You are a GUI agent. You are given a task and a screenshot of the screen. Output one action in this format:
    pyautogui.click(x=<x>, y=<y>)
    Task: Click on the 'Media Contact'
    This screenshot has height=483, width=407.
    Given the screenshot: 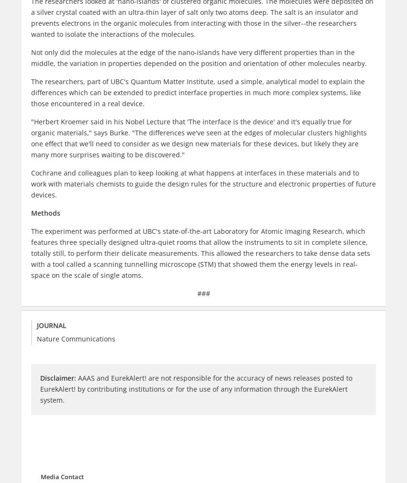 What is the action you would take?
    pyautogui.click(x=41, y=476)
    